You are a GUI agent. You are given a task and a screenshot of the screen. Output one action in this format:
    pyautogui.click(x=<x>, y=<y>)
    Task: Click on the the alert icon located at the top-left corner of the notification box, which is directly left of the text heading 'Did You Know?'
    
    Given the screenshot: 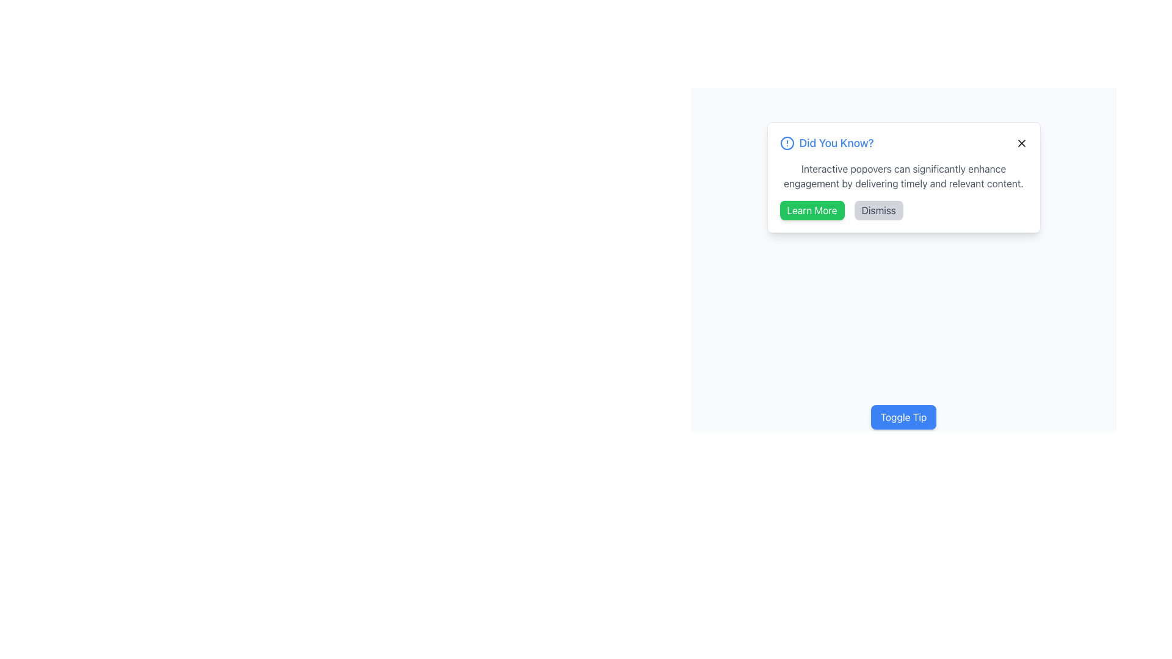 What is the action you would take?
    pyautogui.click(x=787, y=143)
    